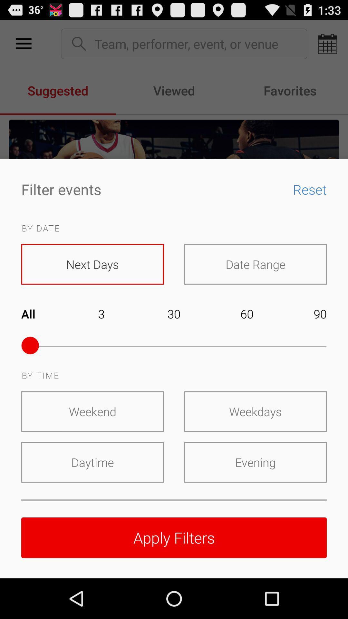  What do you see at coordinates (255, 264) in the screenshot?
I see `the date range icon` at bounding box center [255, 264].